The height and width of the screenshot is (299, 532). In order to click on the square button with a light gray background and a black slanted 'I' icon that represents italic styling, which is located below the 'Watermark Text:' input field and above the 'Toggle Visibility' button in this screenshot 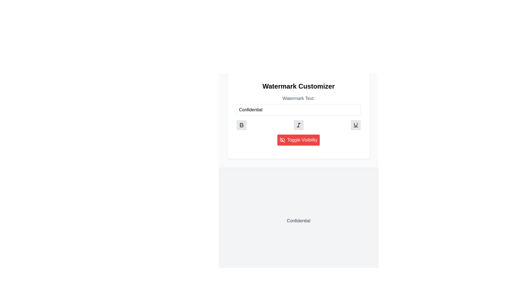, I will do `click(298, 125)`.